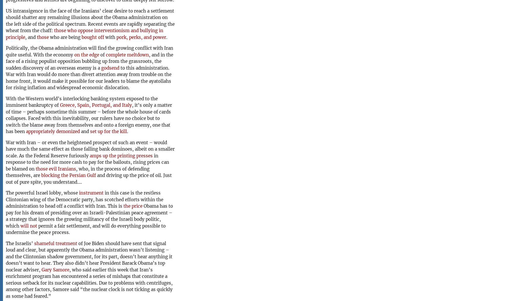  Describe the element at coordinates (127, 54) in the screenshot. I see `'complete meltdown'` at that location.